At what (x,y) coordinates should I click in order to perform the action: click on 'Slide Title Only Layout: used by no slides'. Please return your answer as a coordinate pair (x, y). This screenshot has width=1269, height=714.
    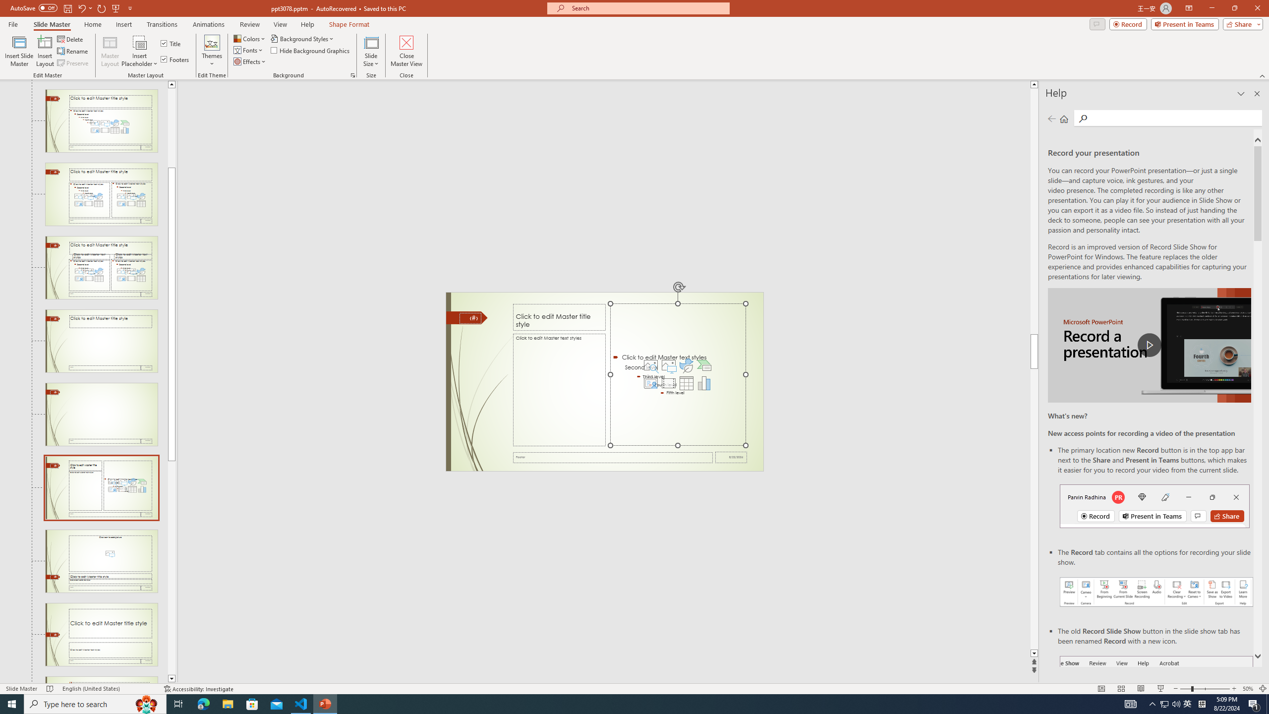
    Looking at the image, I should click on (101, 341).